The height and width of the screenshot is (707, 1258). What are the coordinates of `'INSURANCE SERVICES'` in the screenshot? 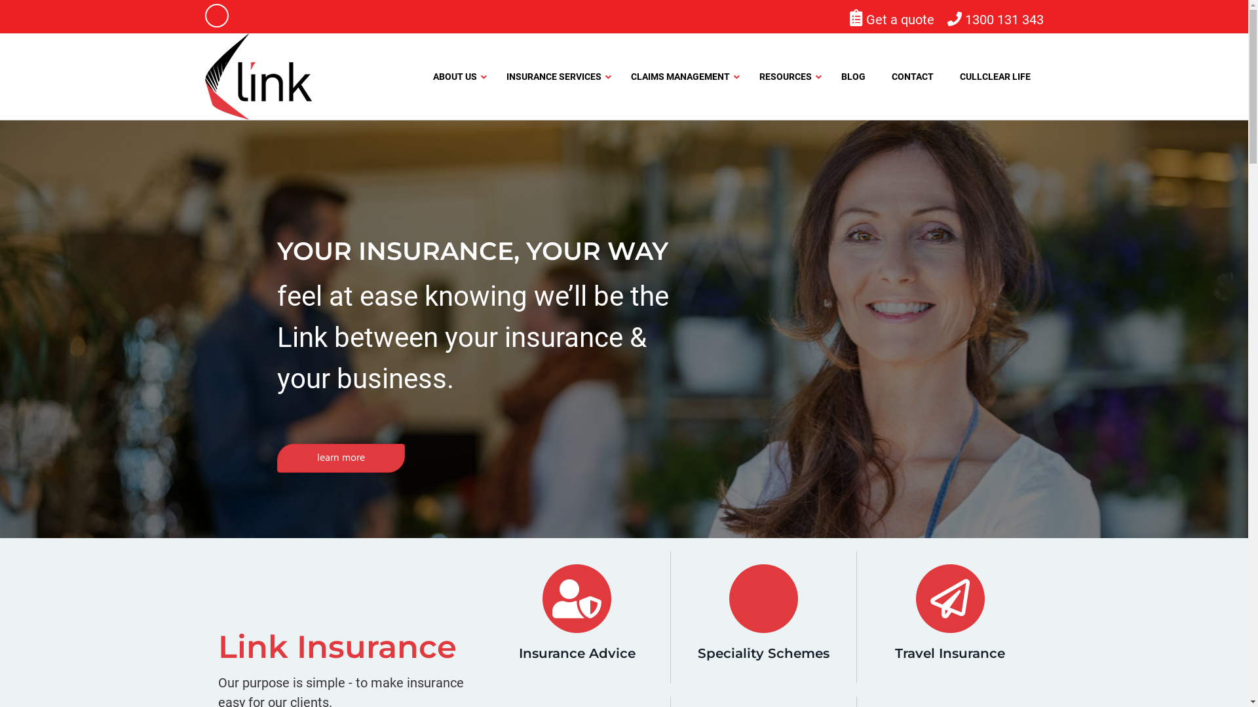 It's located at (492, 76).